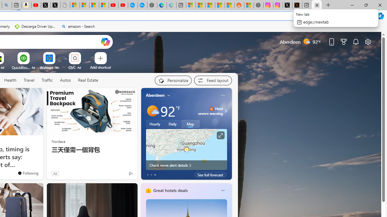 This screenshot has width=387, height=217. I want to click on 'help.x.com | 524: A timeout occurred', so click(297, 5).